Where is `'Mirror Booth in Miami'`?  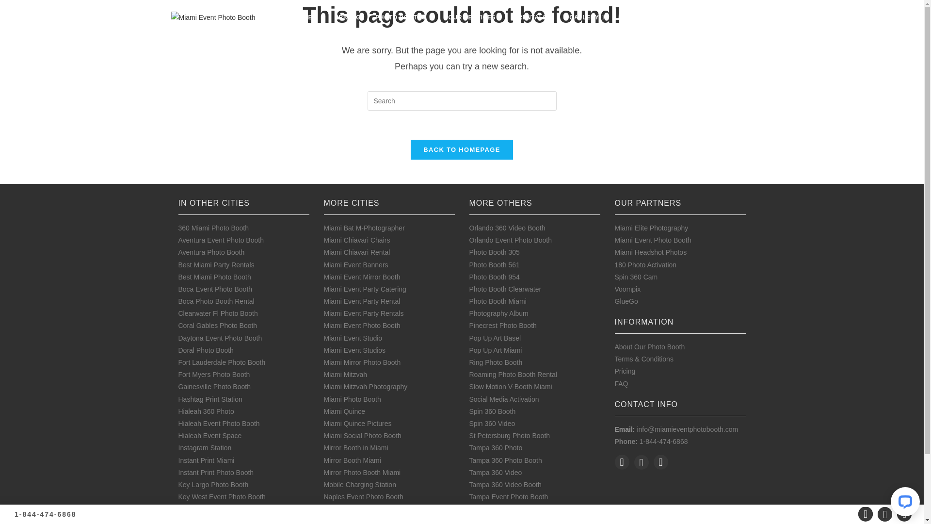
'Mirror Booth in Miami' is located at coordinates (355, 447).